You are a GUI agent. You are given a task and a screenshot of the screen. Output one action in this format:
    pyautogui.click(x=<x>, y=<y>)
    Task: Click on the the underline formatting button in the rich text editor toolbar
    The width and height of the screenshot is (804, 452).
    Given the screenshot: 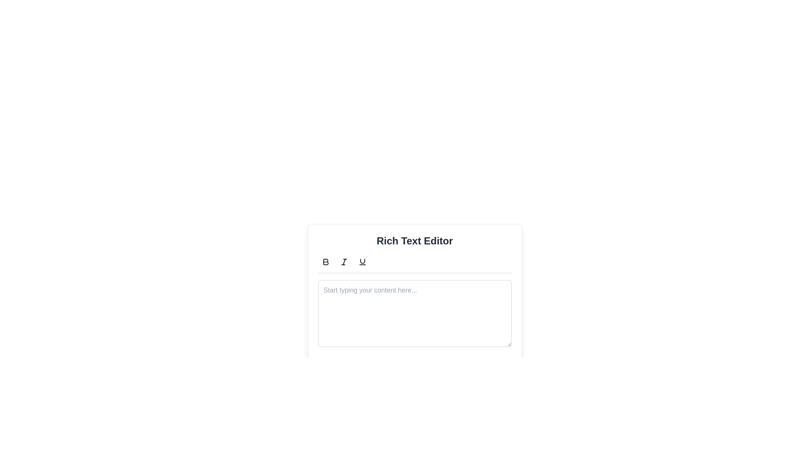 What is the action you would take?
    pyautogui.click(x=362, y=261)
    